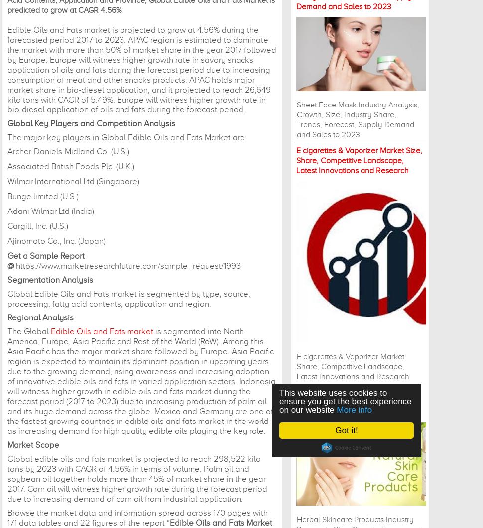 Image resolution: width=483 pixels, height=528 pixels. Describe the element at coordinates (51, 211) in the screenshot. I see `'Adani Wilmar Ltd (India)'` at that location.